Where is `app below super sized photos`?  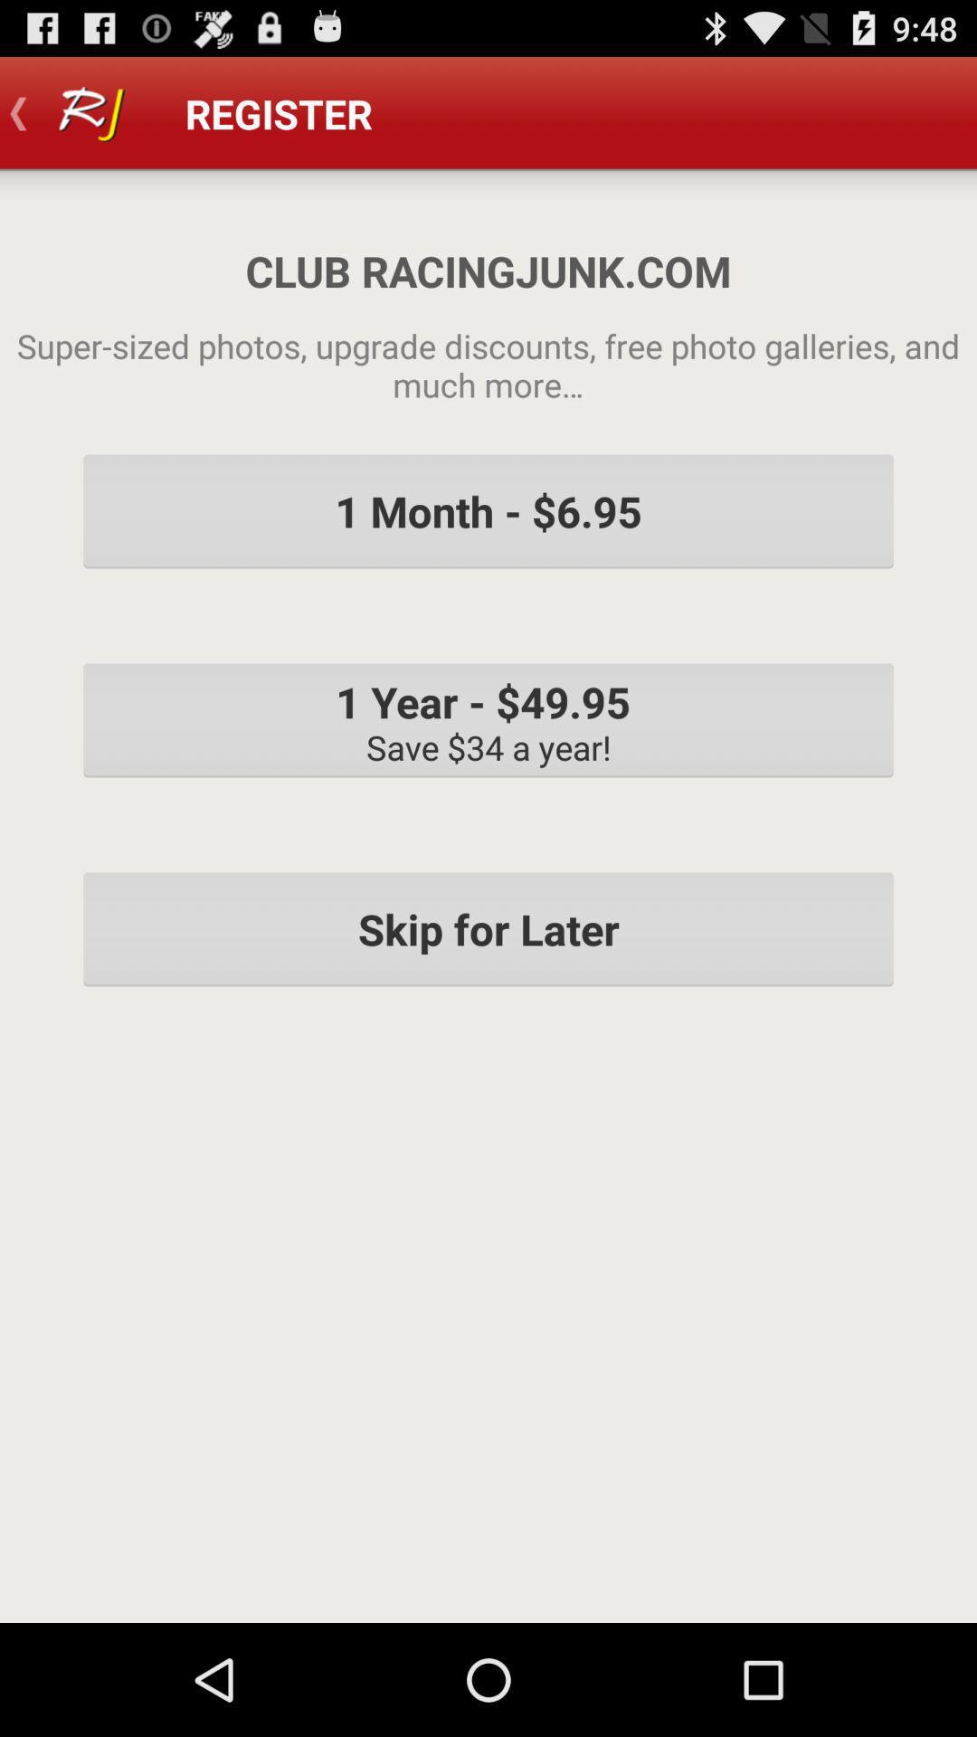
app below super sized photos is located at coordinates (488, 510).